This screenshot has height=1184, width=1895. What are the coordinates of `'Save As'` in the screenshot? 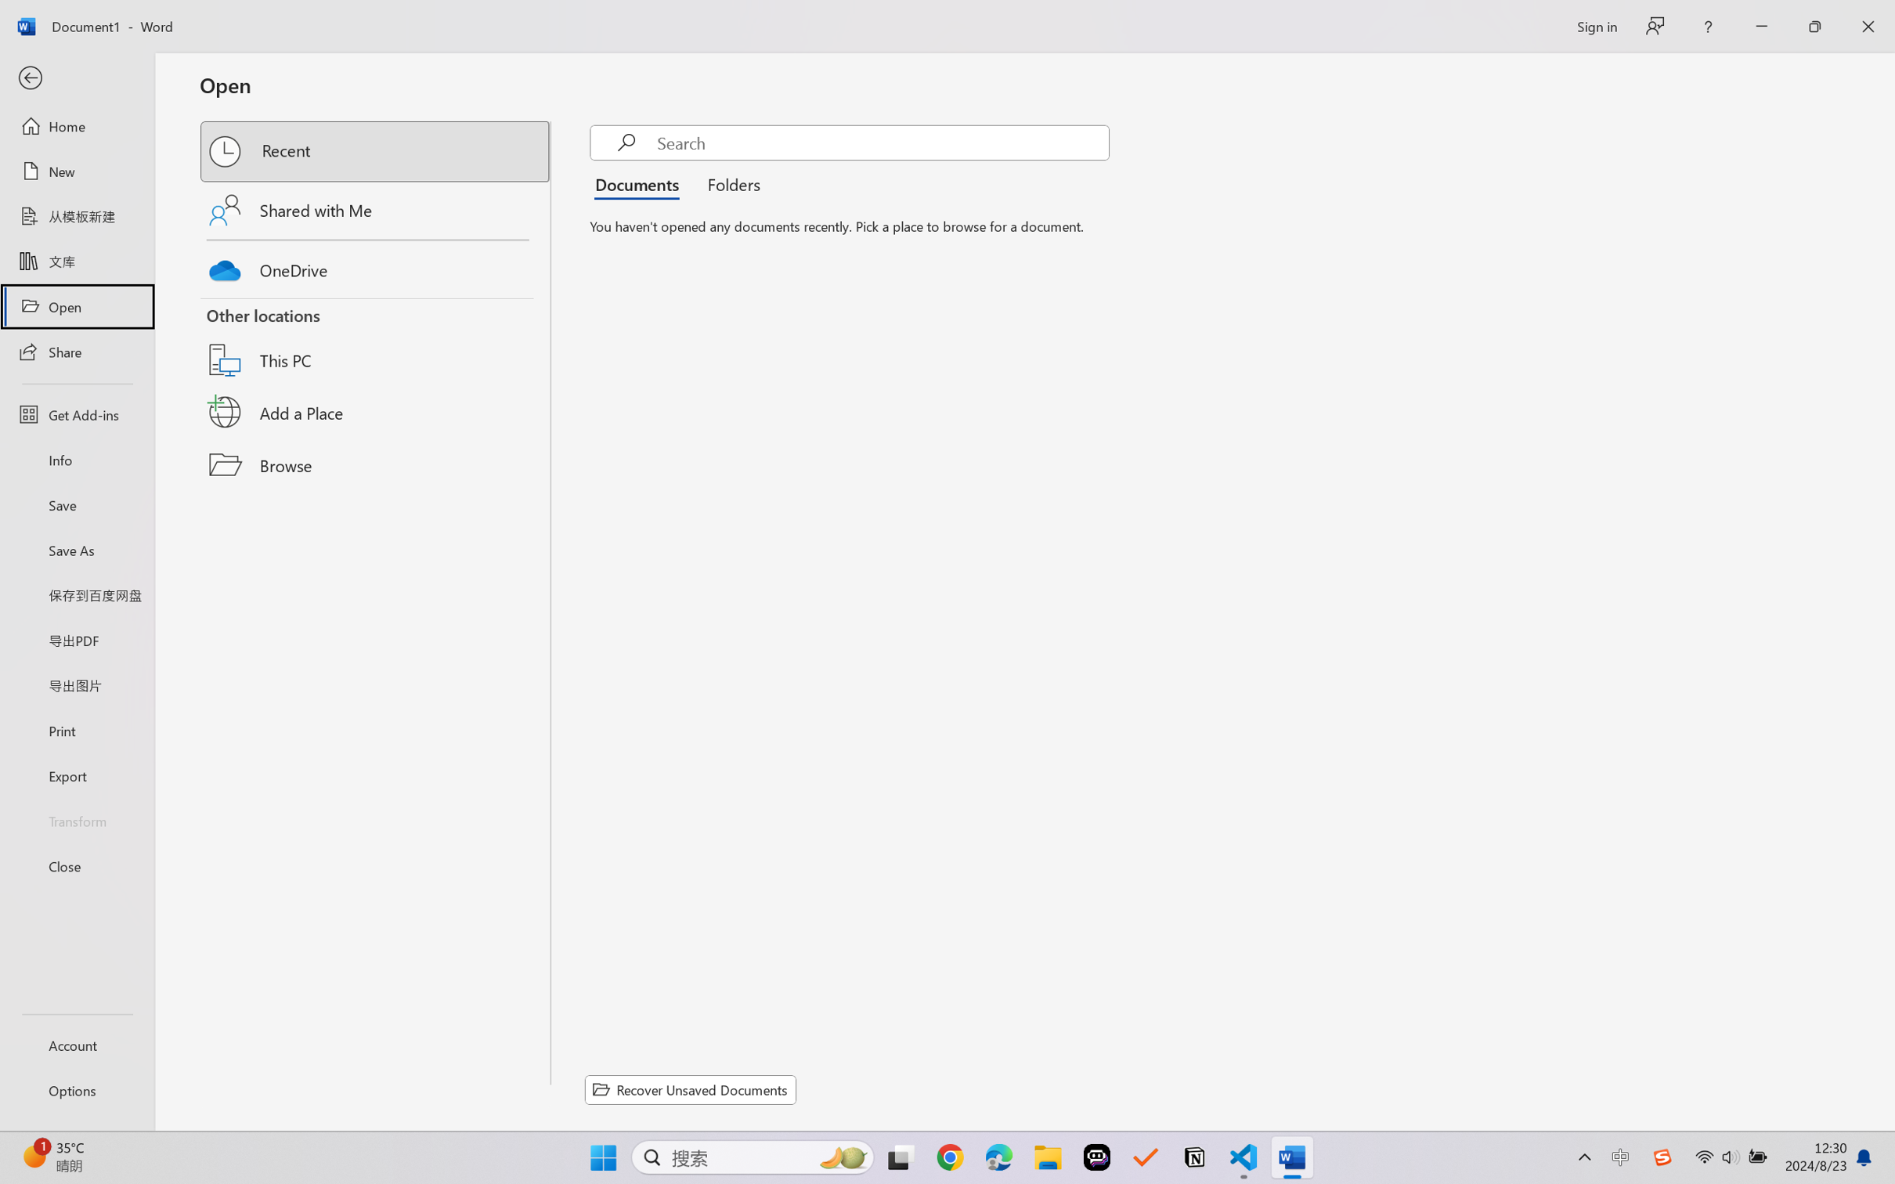 It's located at (76, 550).